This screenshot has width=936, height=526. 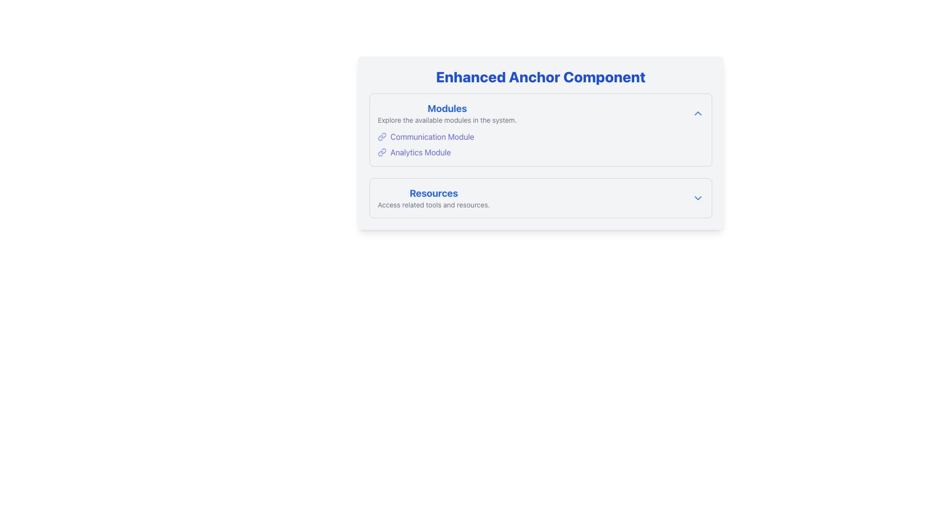 I want to click on the 'Communication Module' hyperlink, which is styled in blue and is the first item in the 'Modules' section, so click(x=540, y=137).